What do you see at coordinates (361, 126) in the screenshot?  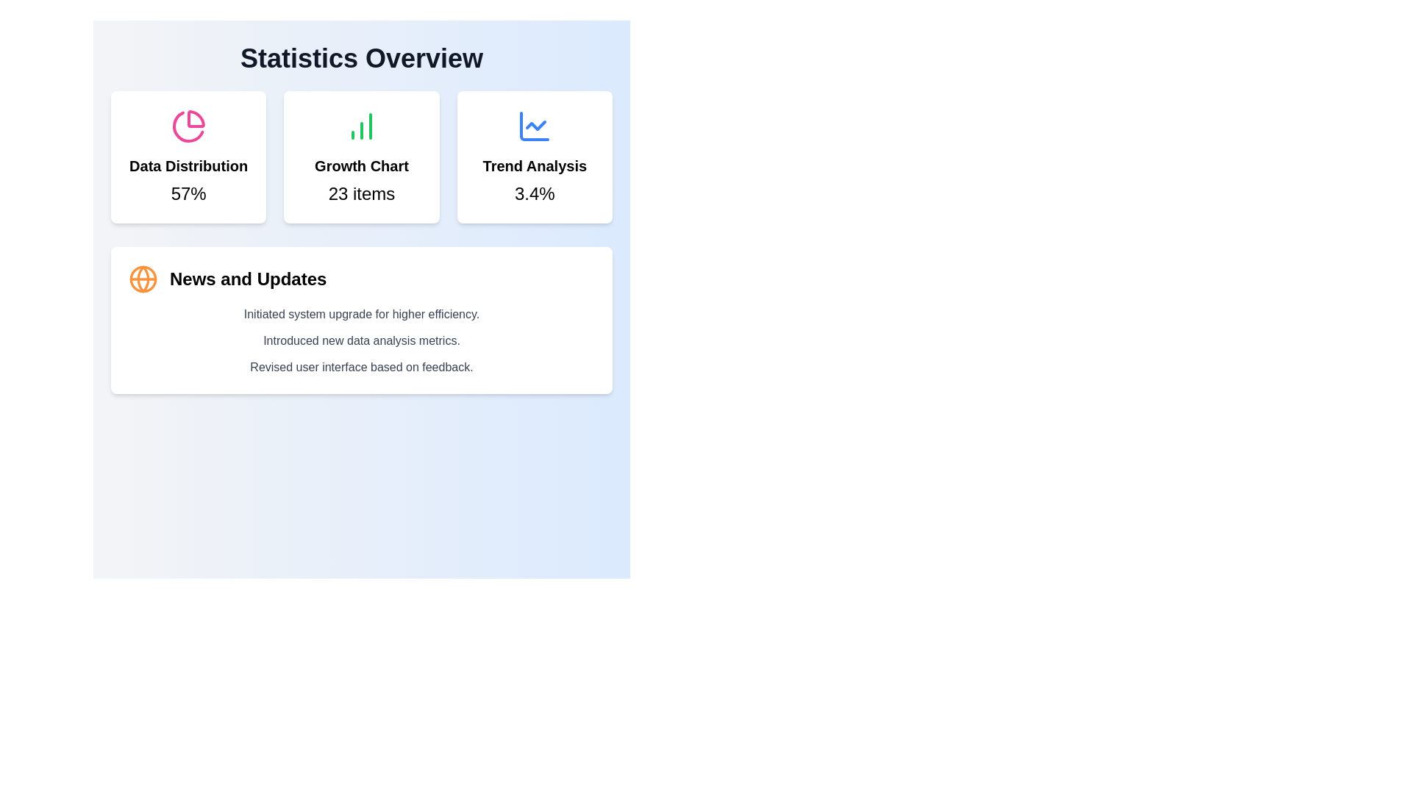 I see `the growth improvement icon located inside the 'Growth Chart' card with the subtitle '23 items', positioned centrally among three cards in the second row of the interface` at bounding box center [361, 126].